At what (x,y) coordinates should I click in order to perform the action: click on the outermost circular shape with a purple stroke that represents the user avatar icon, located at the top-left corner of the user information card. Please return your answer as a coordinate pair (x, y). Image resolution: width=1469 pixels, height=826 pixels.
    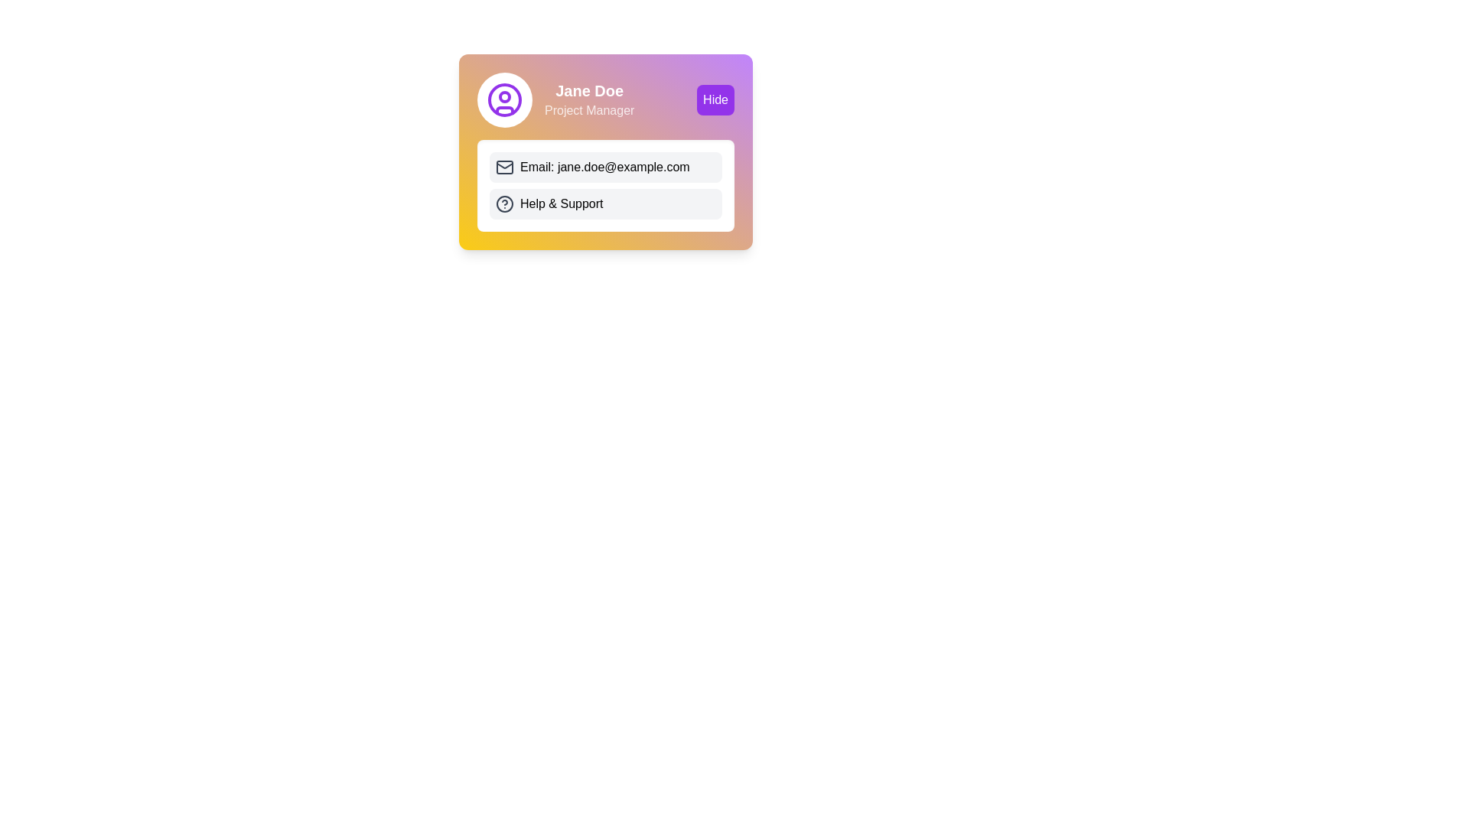
    Looking at the image, I should click on (505, 100).